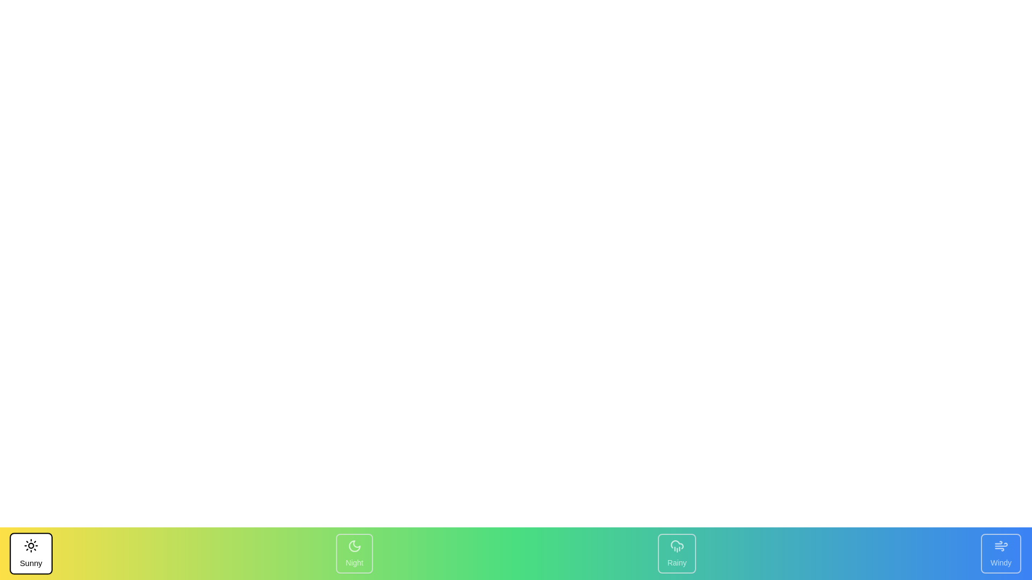  I want to click on the tab corresponding to the selected weather condition Rainy, so click(676, 553).